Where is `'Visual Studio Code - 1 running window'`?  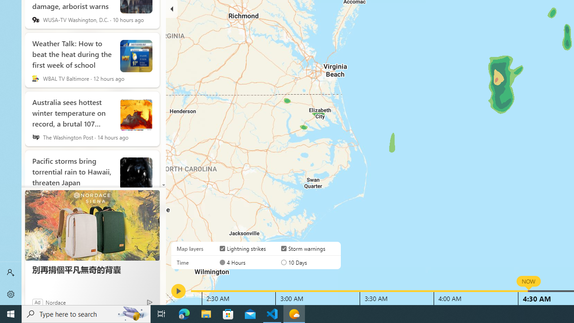
'Visual Studio Code - 1 running window' is located at coordinates (272, 313).